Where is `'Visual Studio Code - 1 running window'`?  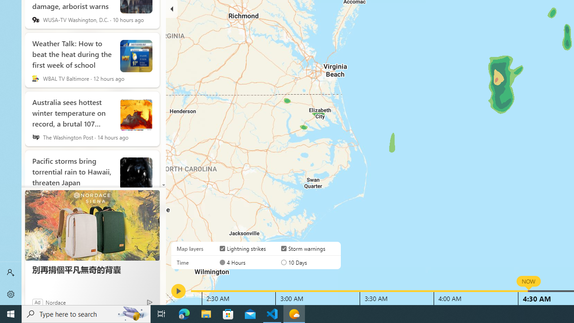
'Visual Studio Code - 1 running window' is located at coordinates (272, 313).